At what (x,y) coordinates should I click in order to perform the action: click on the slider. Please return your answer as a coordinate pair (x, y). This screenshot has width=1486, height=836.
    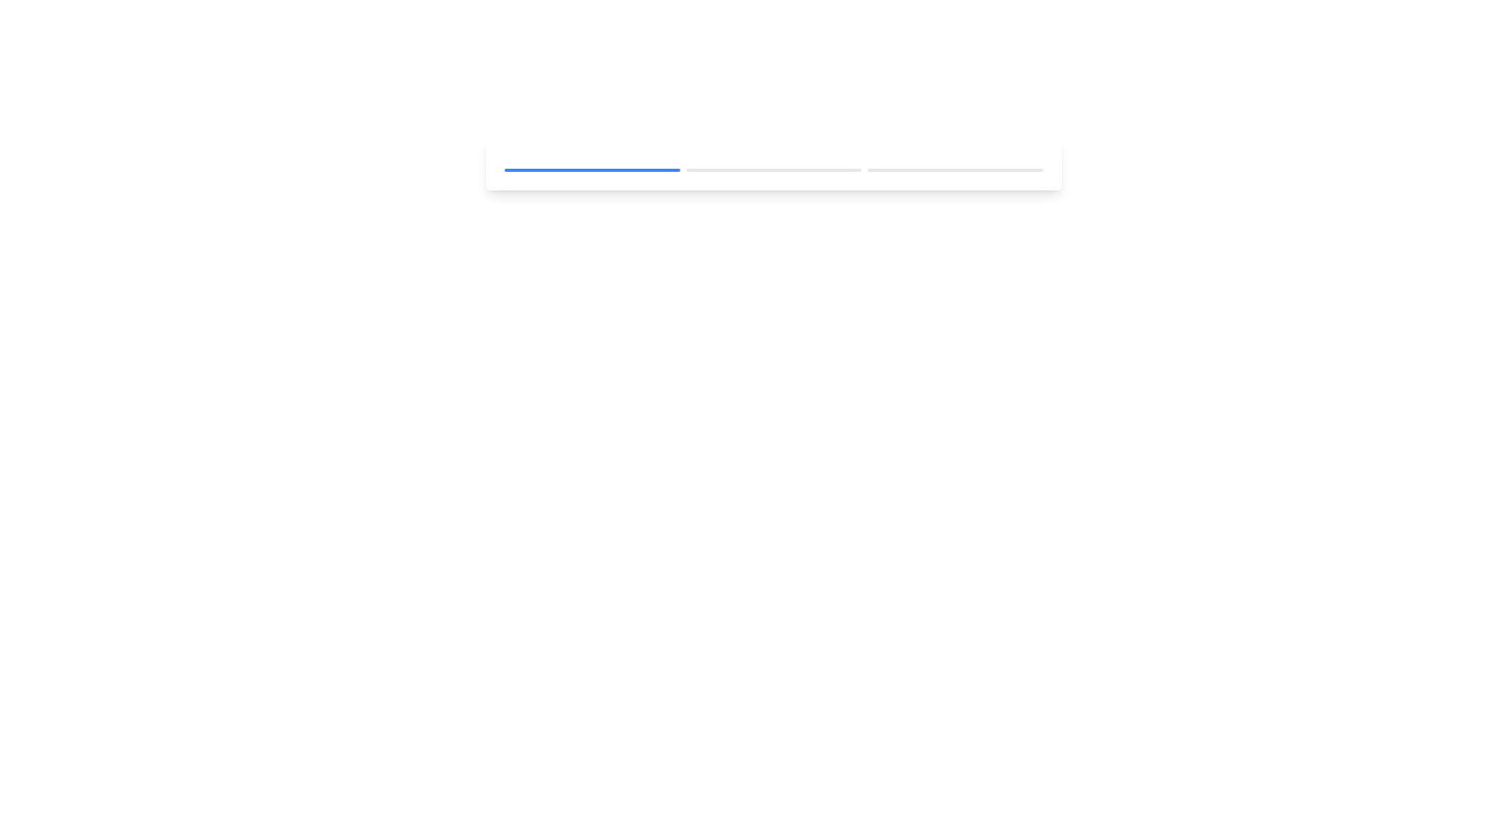
    Looking at the image, I should click on (837, 170).